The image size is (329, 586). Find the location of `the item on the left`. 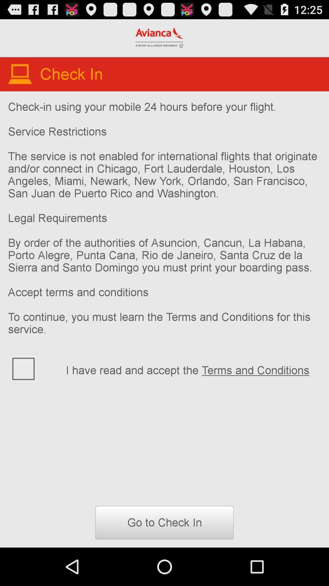

the item on the left is located at coordinates (33, 368).